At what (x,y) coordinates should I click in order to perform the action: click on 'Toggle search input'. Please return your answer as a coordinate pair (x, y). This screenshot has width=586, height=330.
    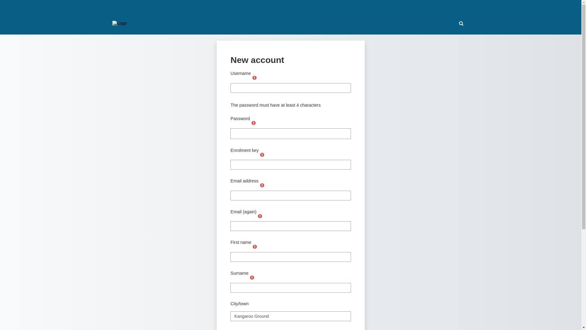
    Looking at the image, I should click on (458, 23).